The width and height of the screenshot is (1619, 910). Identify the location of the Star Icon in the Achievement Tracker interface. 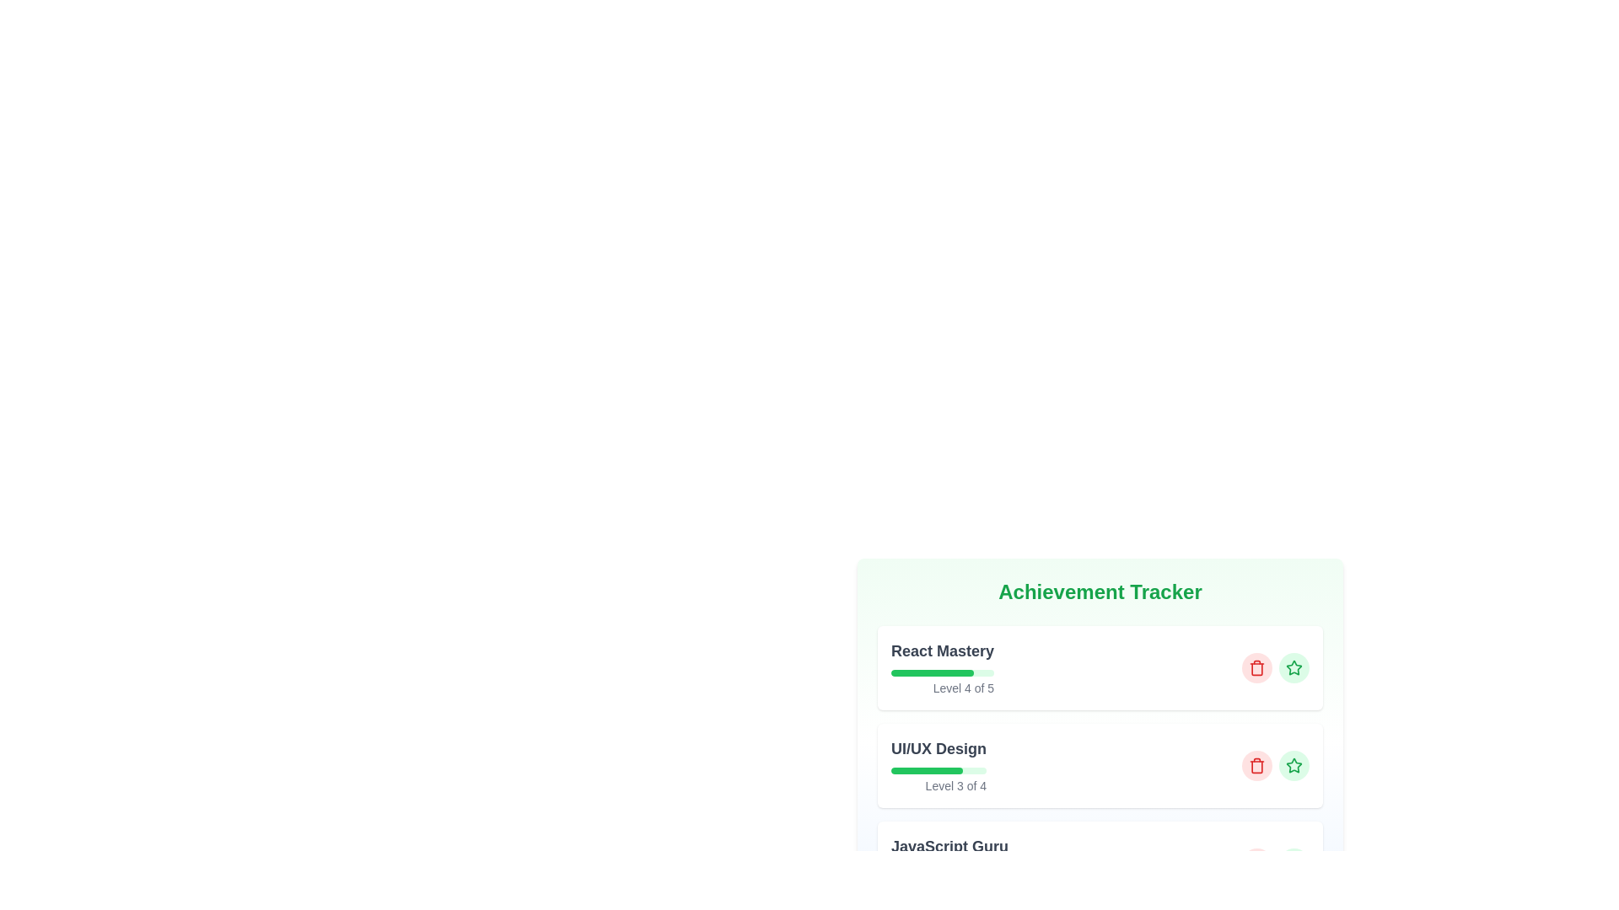
(1294, 666).